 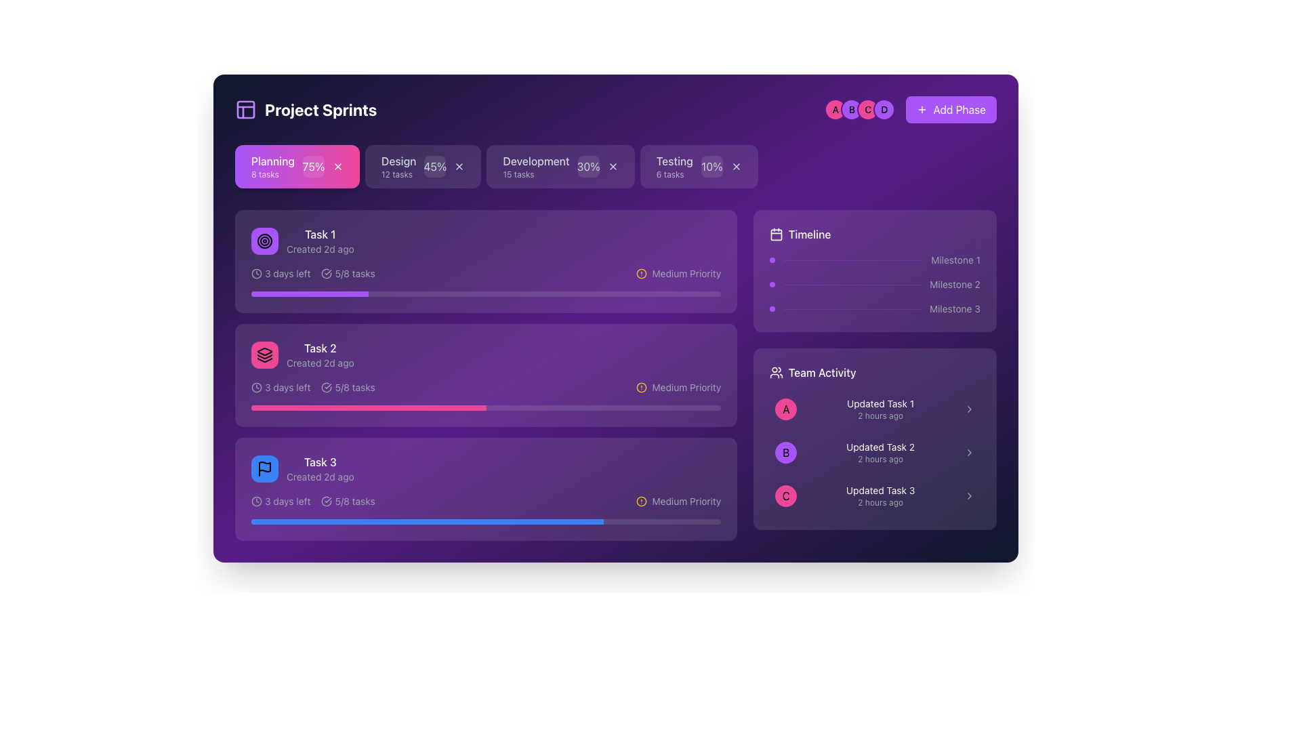 What do you see at coordinates (264, 354) in the screenshot?
I see `the icon located in the left vertical column, in the box with a pink background corresponding to 'Task 2'` at bounding box center [264, 354].